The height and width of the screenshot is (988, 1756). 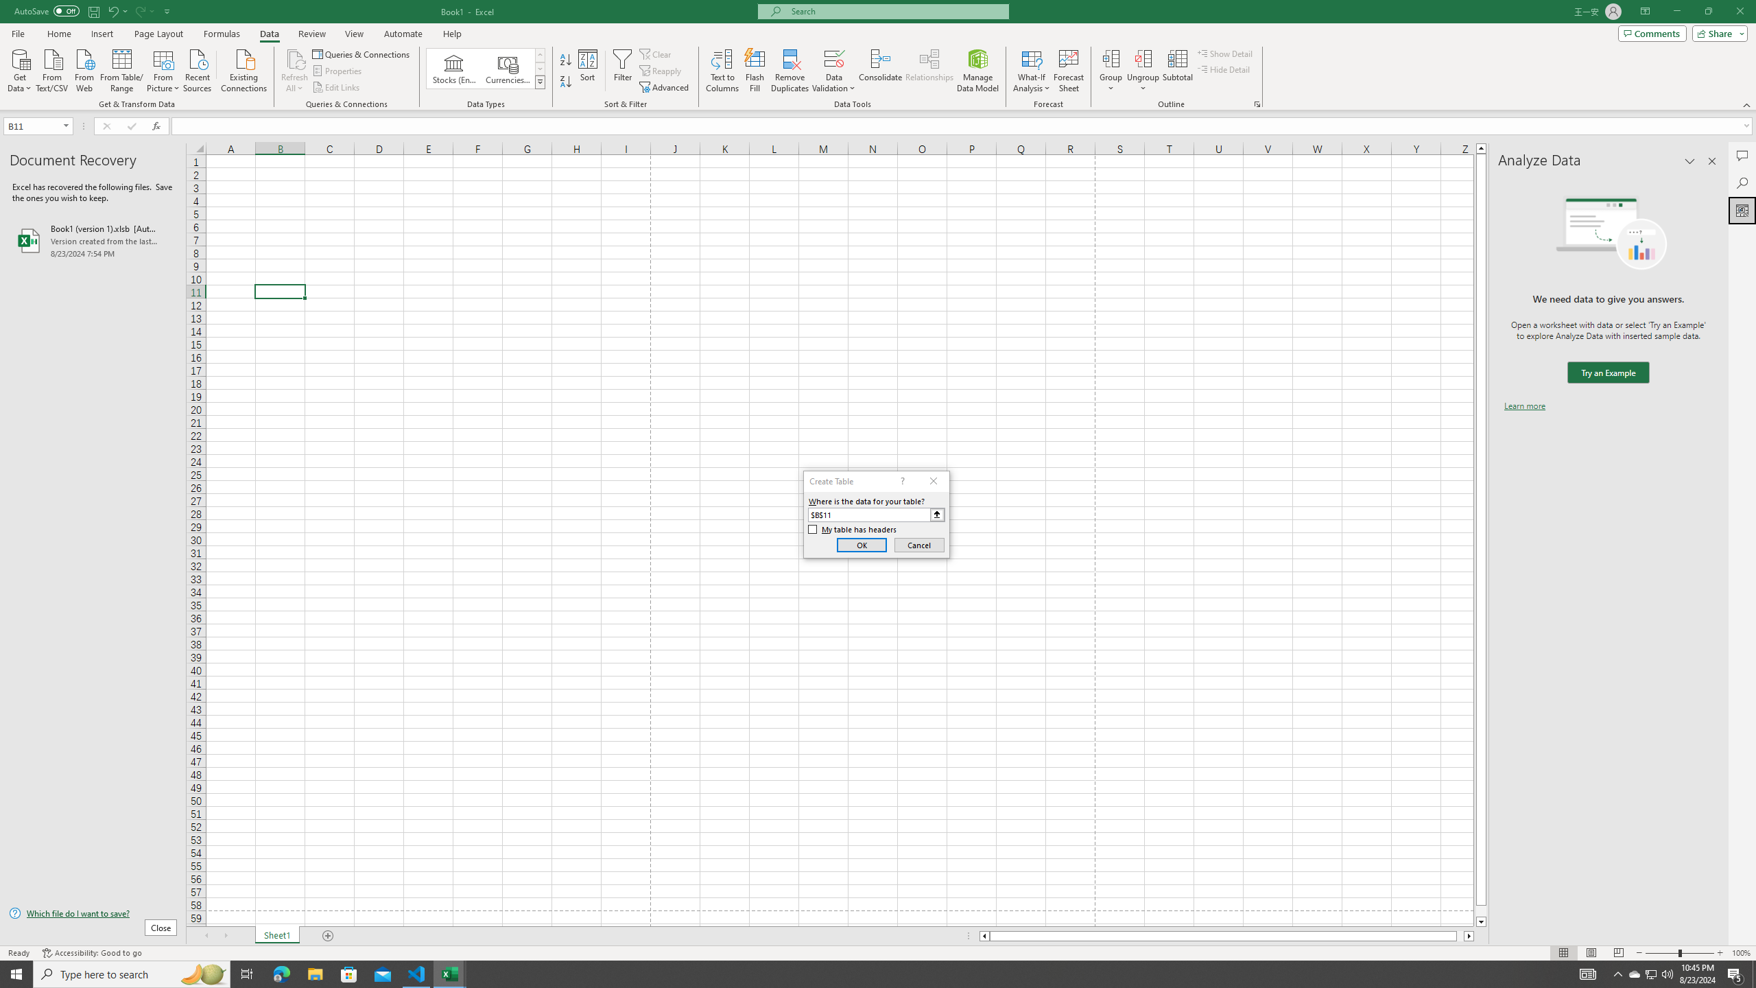 What do you see at coordinates (338, 71) in the screenshot?
I see `'Properties'` at bounding box center [338, 71].